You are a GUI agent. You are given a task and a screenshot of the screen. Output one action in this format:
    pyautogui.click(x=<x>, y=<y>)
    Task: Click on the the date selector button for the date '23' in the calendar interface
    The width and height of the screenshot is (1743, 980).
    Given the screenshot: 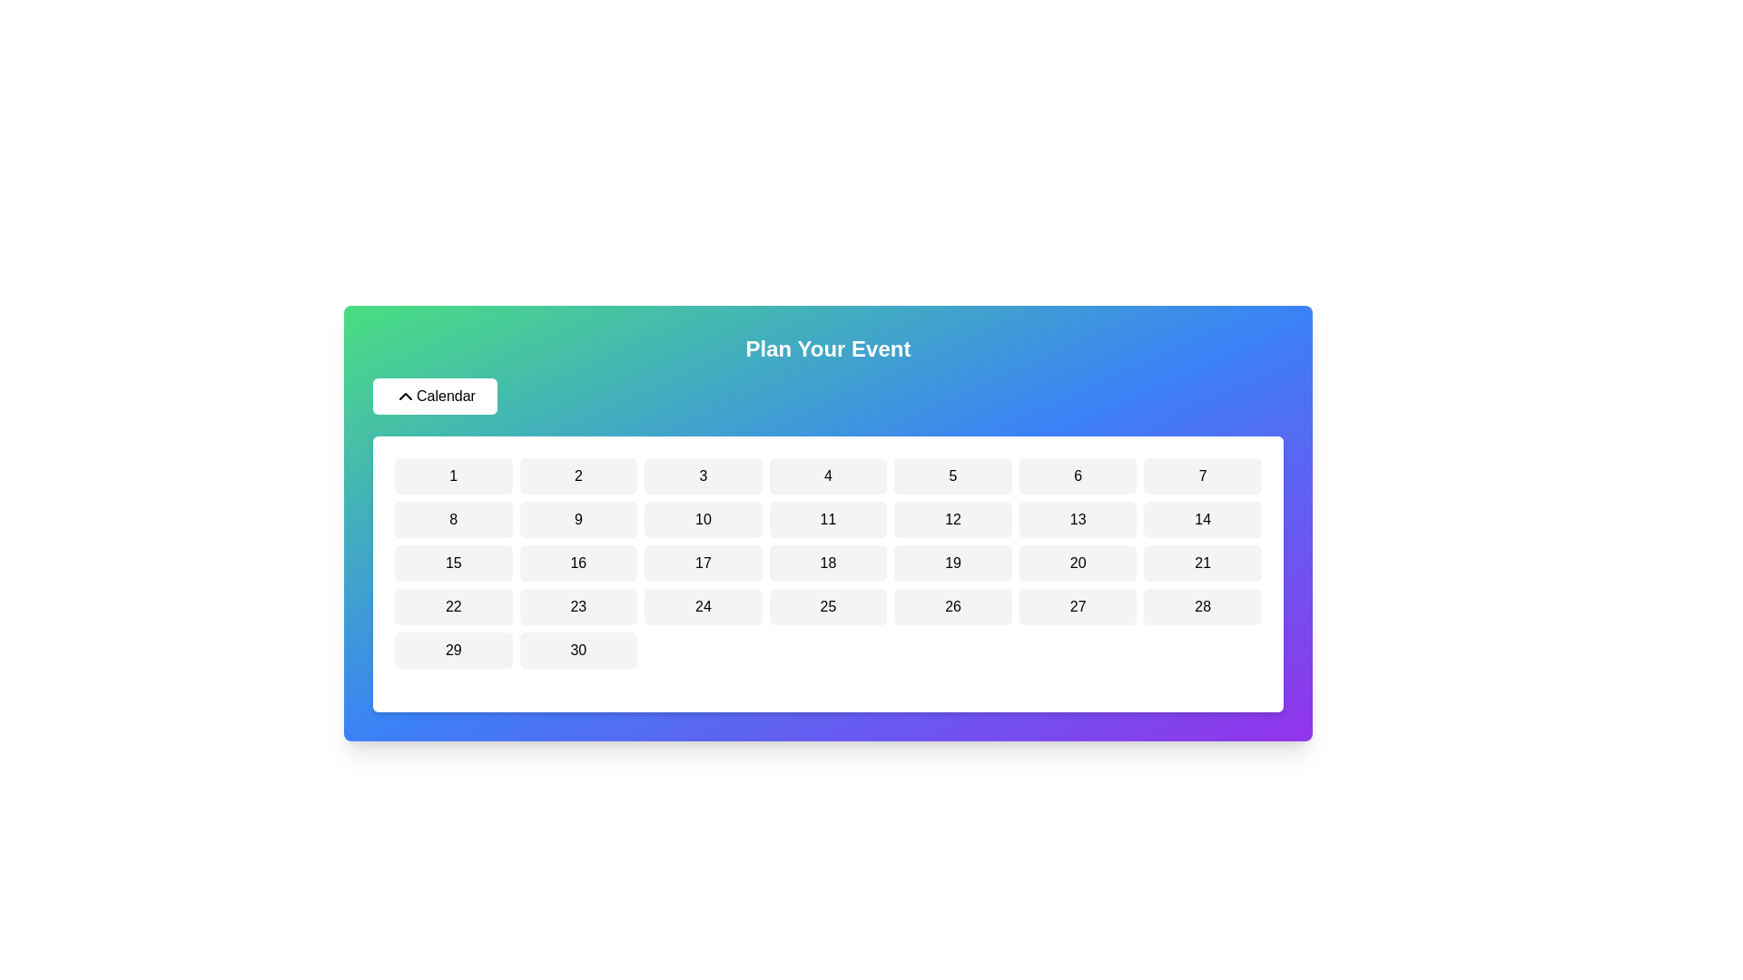 What is the action you would take?
    pyautogui.click(x=577, y=606)
    